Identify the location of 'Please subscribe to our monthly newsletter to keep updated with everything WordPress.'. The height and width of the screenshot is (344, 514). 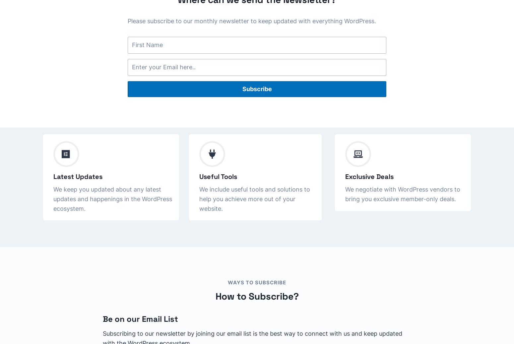
(252, 21).